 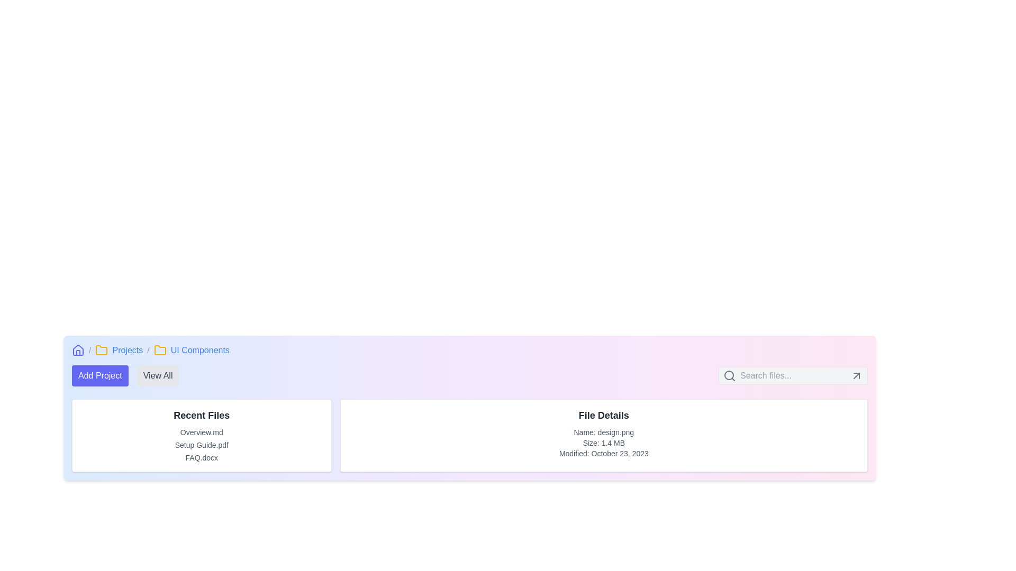 I want to click on the second button that allows users, so click(x=157, y=375).